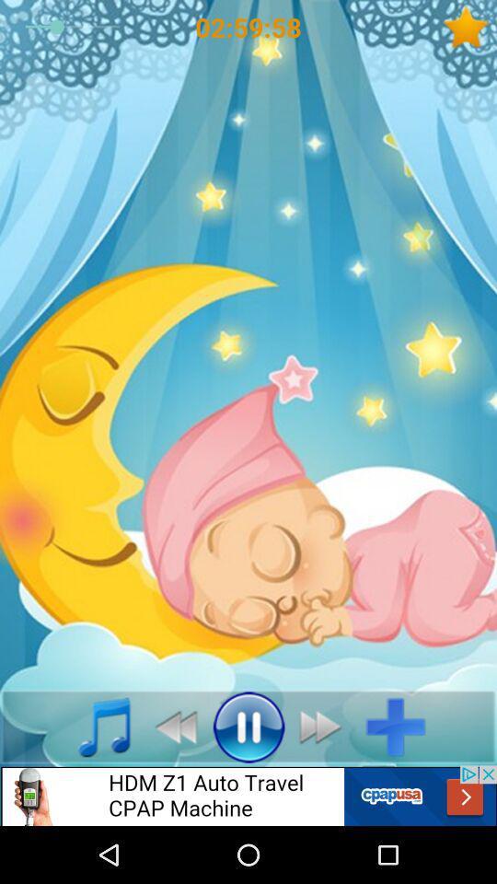  Describe the element at coordinates (325, 727) in the screenshot. I see `fast fwd` at that location.